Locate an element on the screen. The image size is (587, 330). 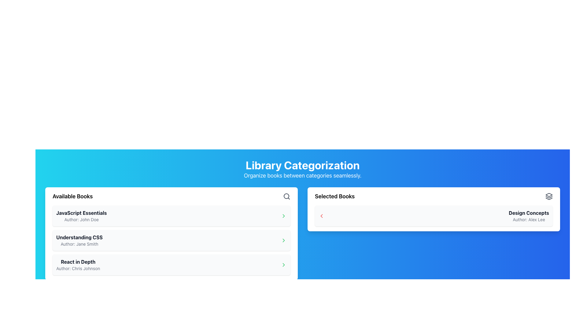
the text label that provides author details of the book 'Understanding CSS', located in the second row of the 'Available Books' section is located at coordinates (79, 244).